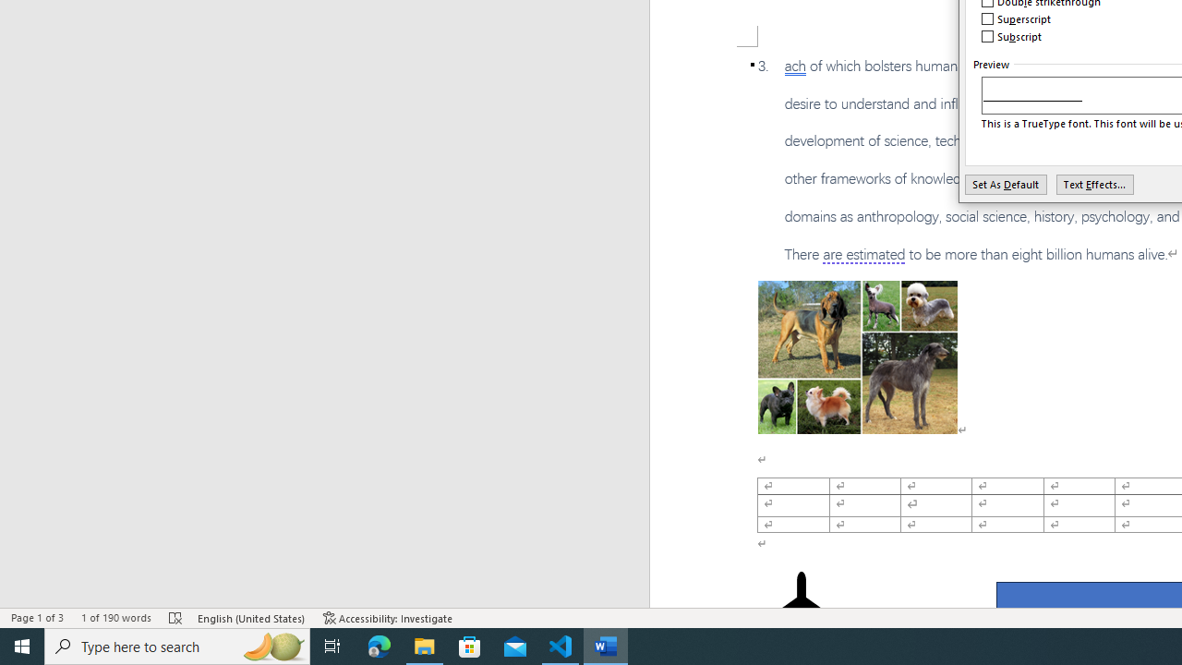 Image resolution: width=1182 pixels, height=665 pixels. I want to click on 'Subscript', so click(1011, 36).